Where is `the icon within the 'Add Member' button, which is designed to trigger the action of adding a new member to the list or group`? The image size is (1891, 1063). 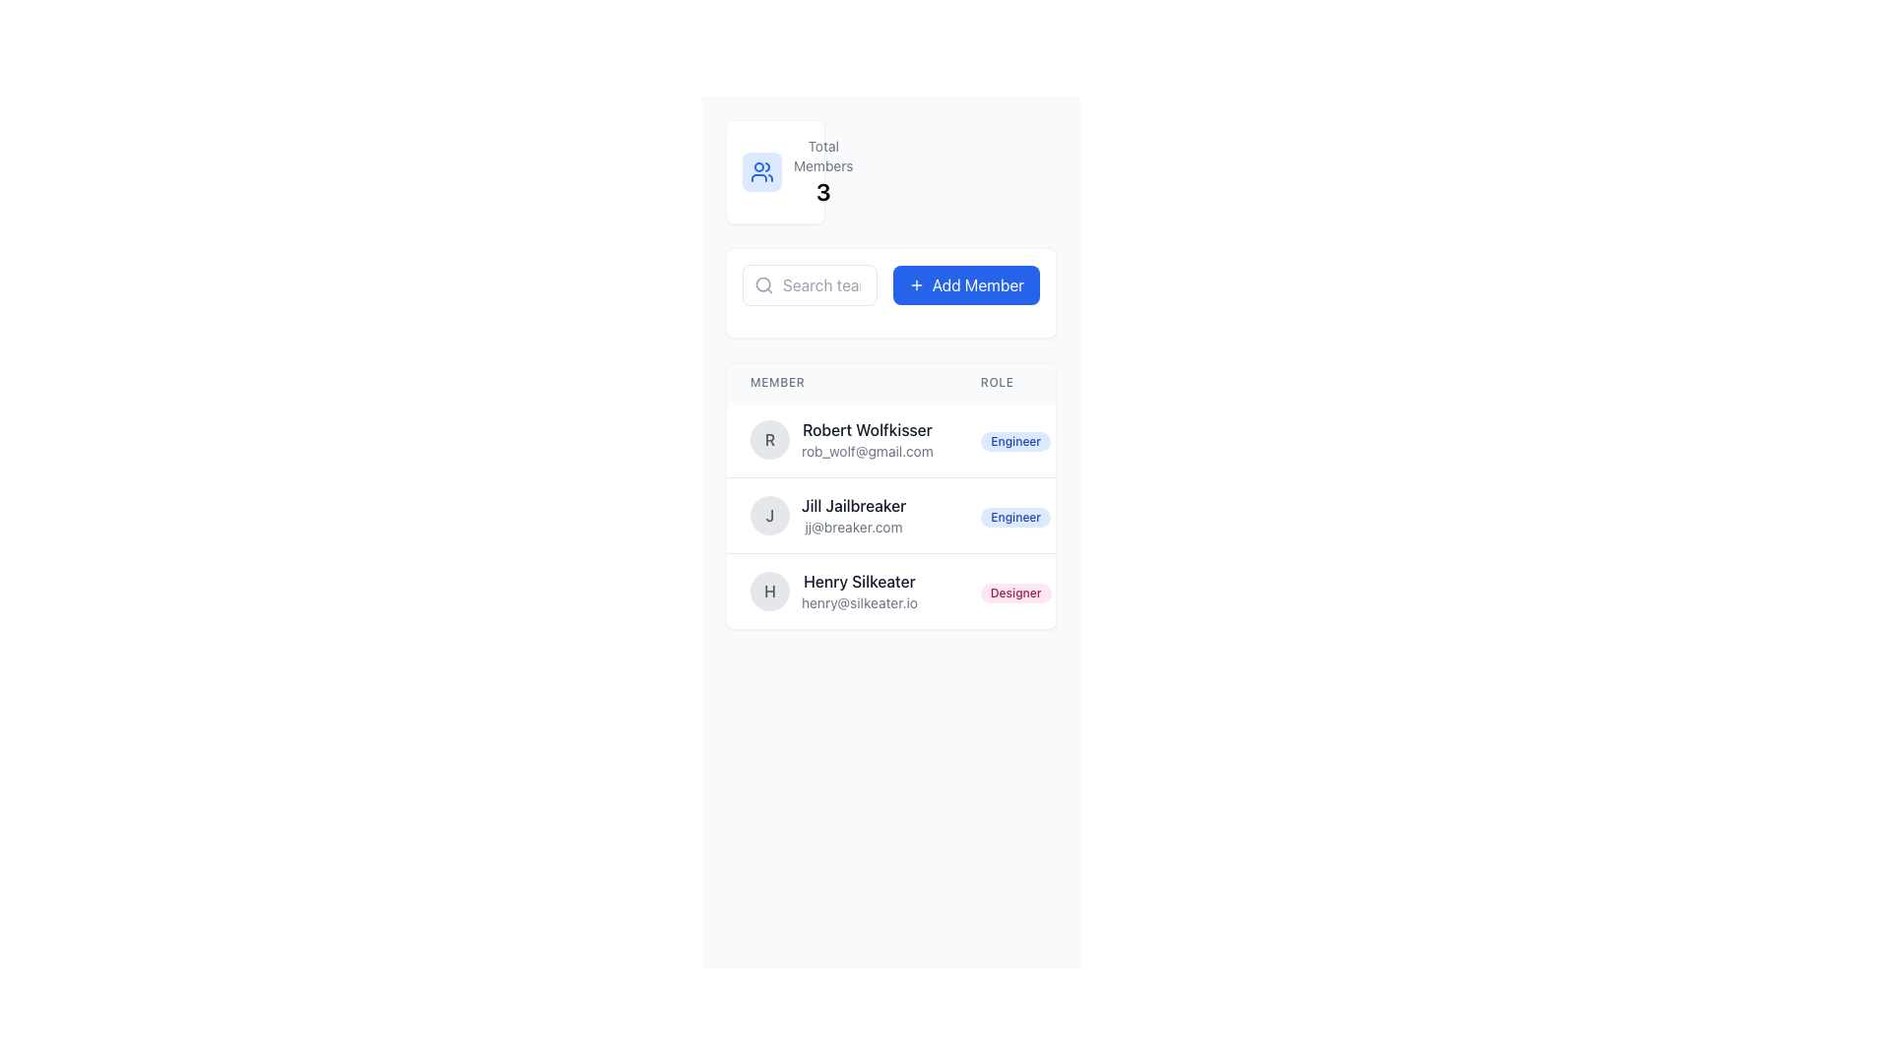 the icon within the 'Add Member' button, which is designed to trigger the action of adding a new member to the list or group is located at coordinates (915, 284).